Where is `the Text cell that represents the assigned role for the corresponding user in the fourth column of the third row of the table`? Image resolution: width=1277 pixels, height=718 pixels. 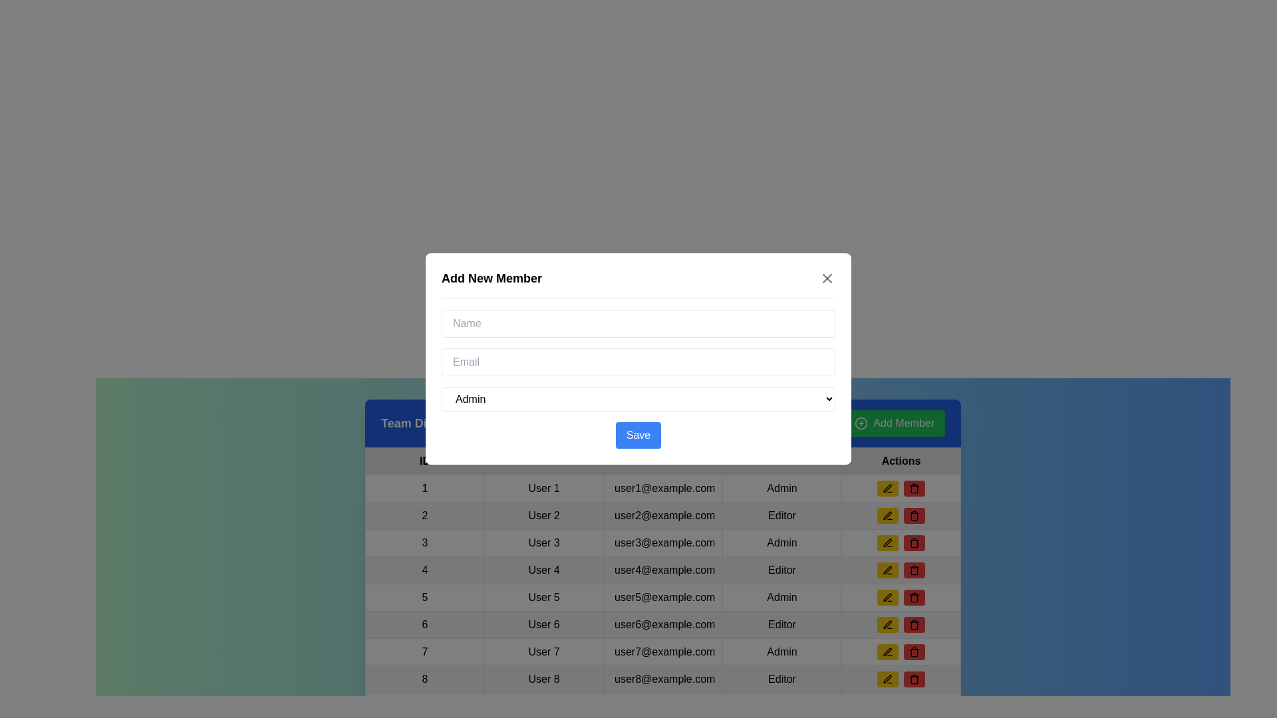 the Text cell that represents the assigned role for the corresponding user in the fourth column of the third row of the table is located at coordinates (782, 543).